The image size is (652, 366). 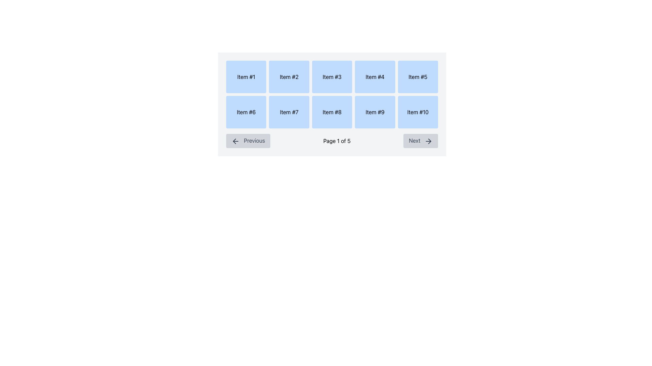 What do you see at coordinates (428, 141) in the screenshot?
I see `the visual representation of the rightward arrow icon within the 'Next' button, which has a minimalist outline design in a dark color against a light gray background` at bounding box center [428, 141].